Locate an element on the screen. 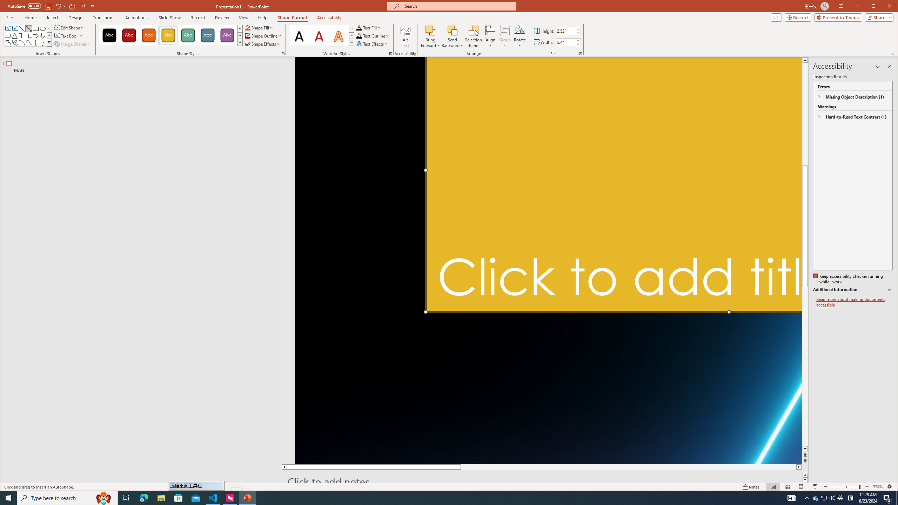 This screenshot has width=898, height=505. 'Colored Fill - Dark Red, Accent 1' is located at coordinates (129, 35).